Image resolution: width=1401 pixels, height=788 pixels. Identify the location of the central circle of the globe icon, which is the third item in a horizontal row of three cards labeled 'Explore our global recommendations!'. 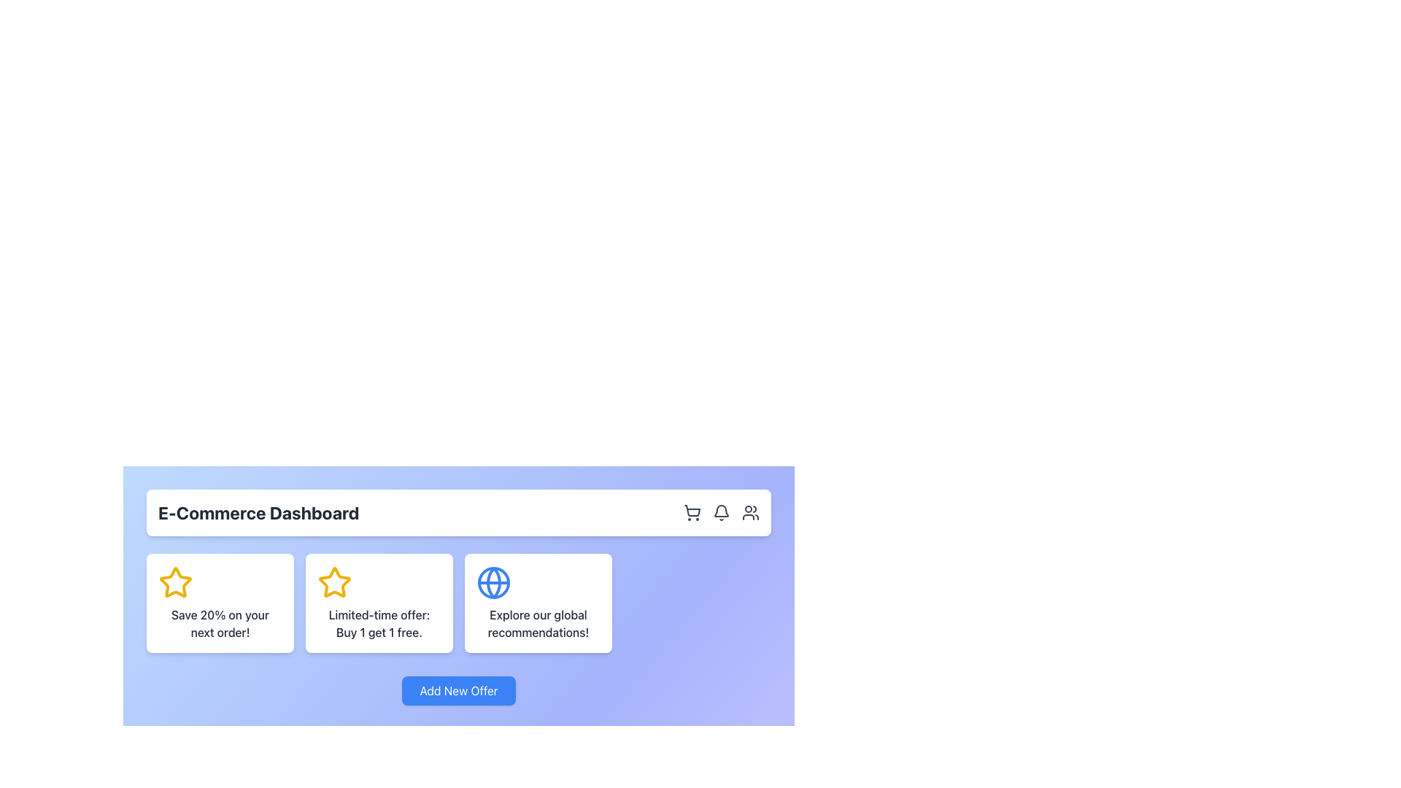
(493, 582).